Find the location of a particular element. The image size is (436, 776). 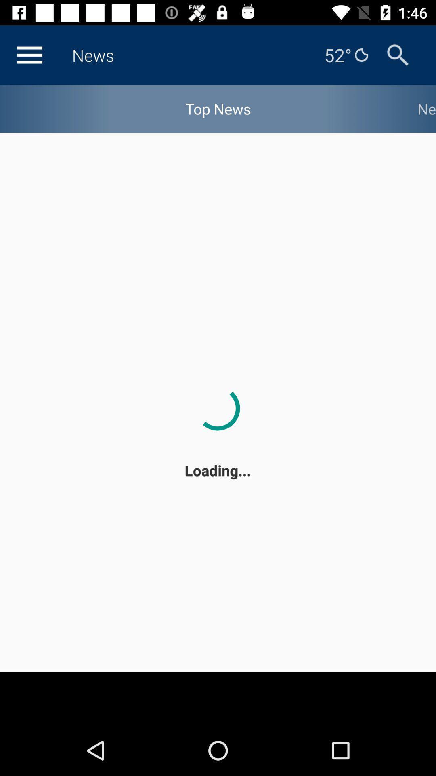

the menu icon is located at coordinates (29, 55).